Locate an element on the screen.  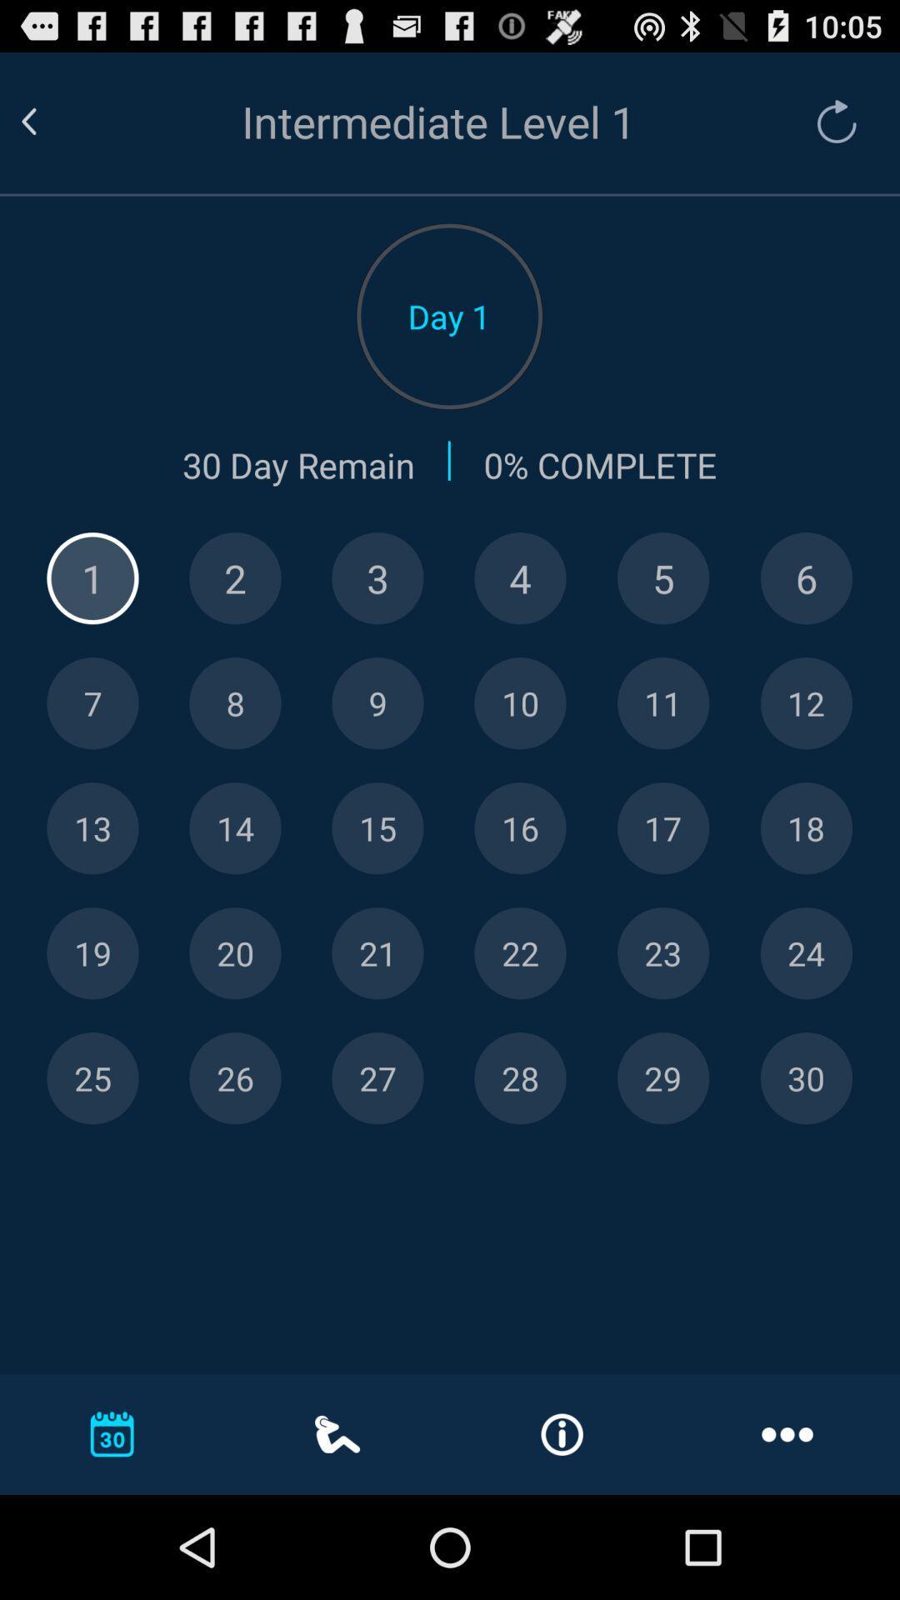
two is located at coordinates (235, 578).